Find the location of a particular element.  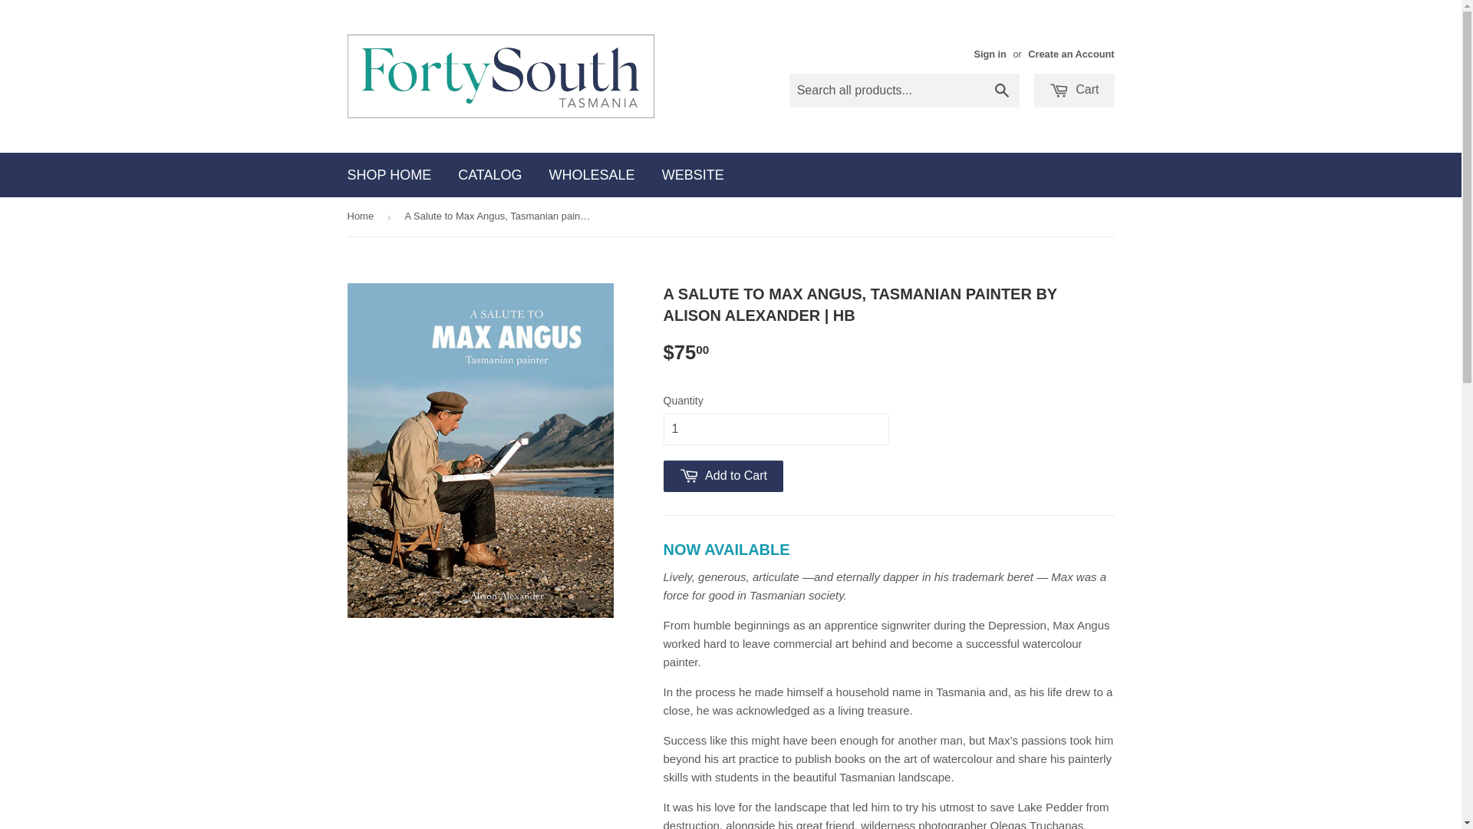

'Search' is located at coordinates (1002, 91).